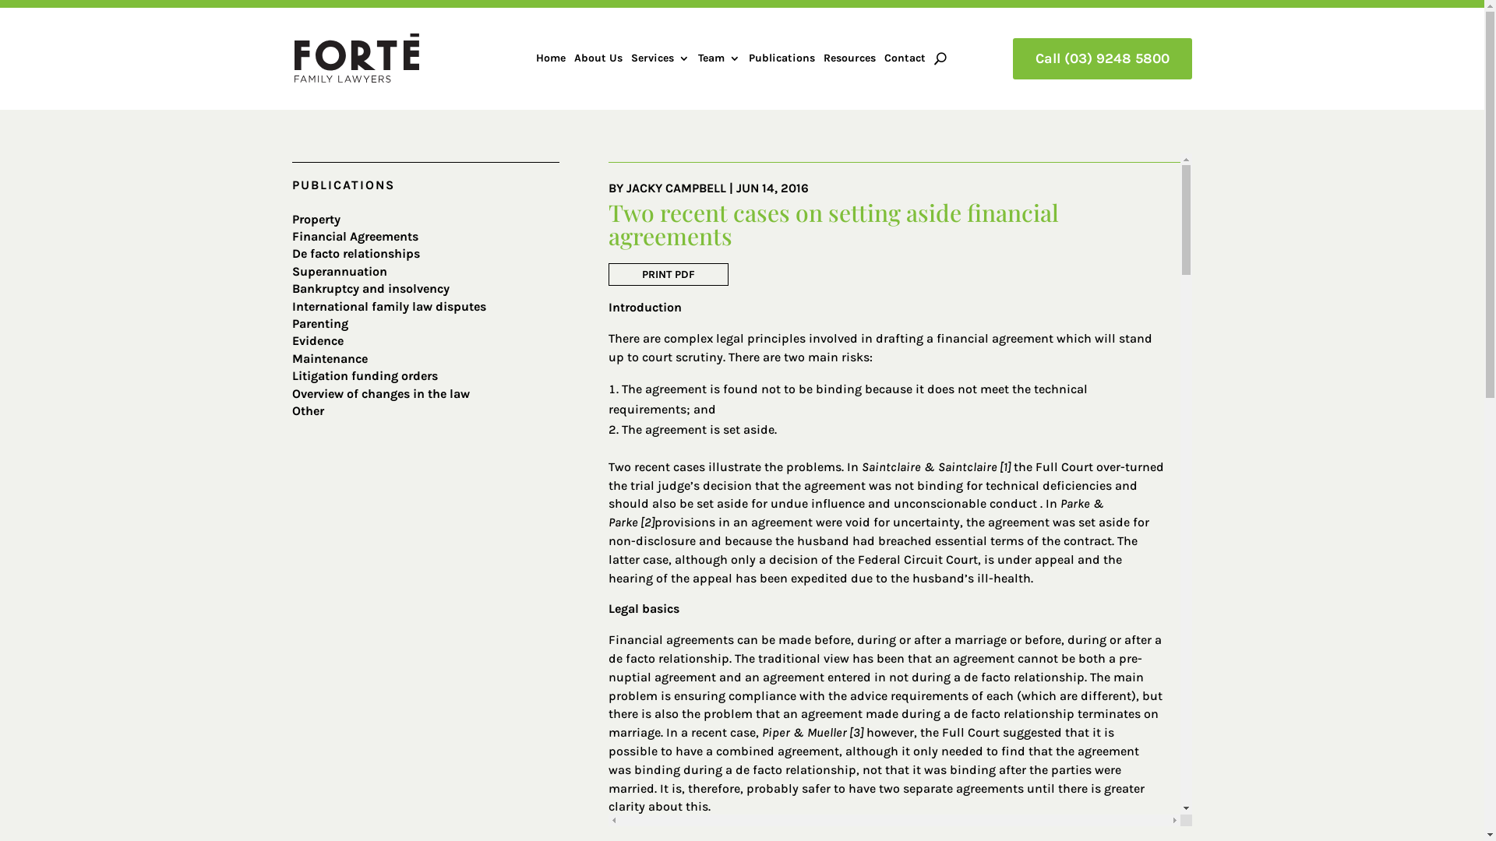 Image resolution: width=1496 pixels, height=841 pixels. Describe the element at coordinates (669, 273) in the screenshot. I see `'PRINT PDF'` at that location.